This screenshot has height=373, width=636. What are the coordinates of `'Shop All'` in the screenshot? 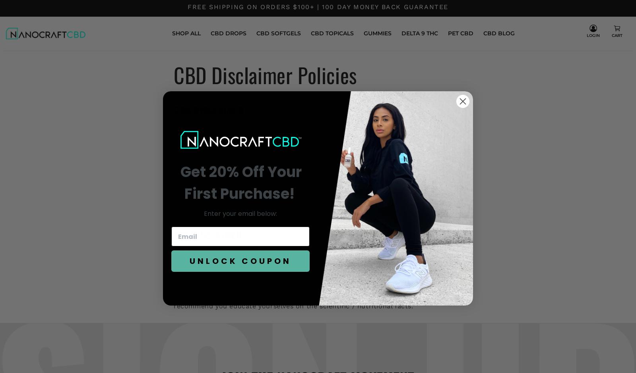 It's located at (186, 33).